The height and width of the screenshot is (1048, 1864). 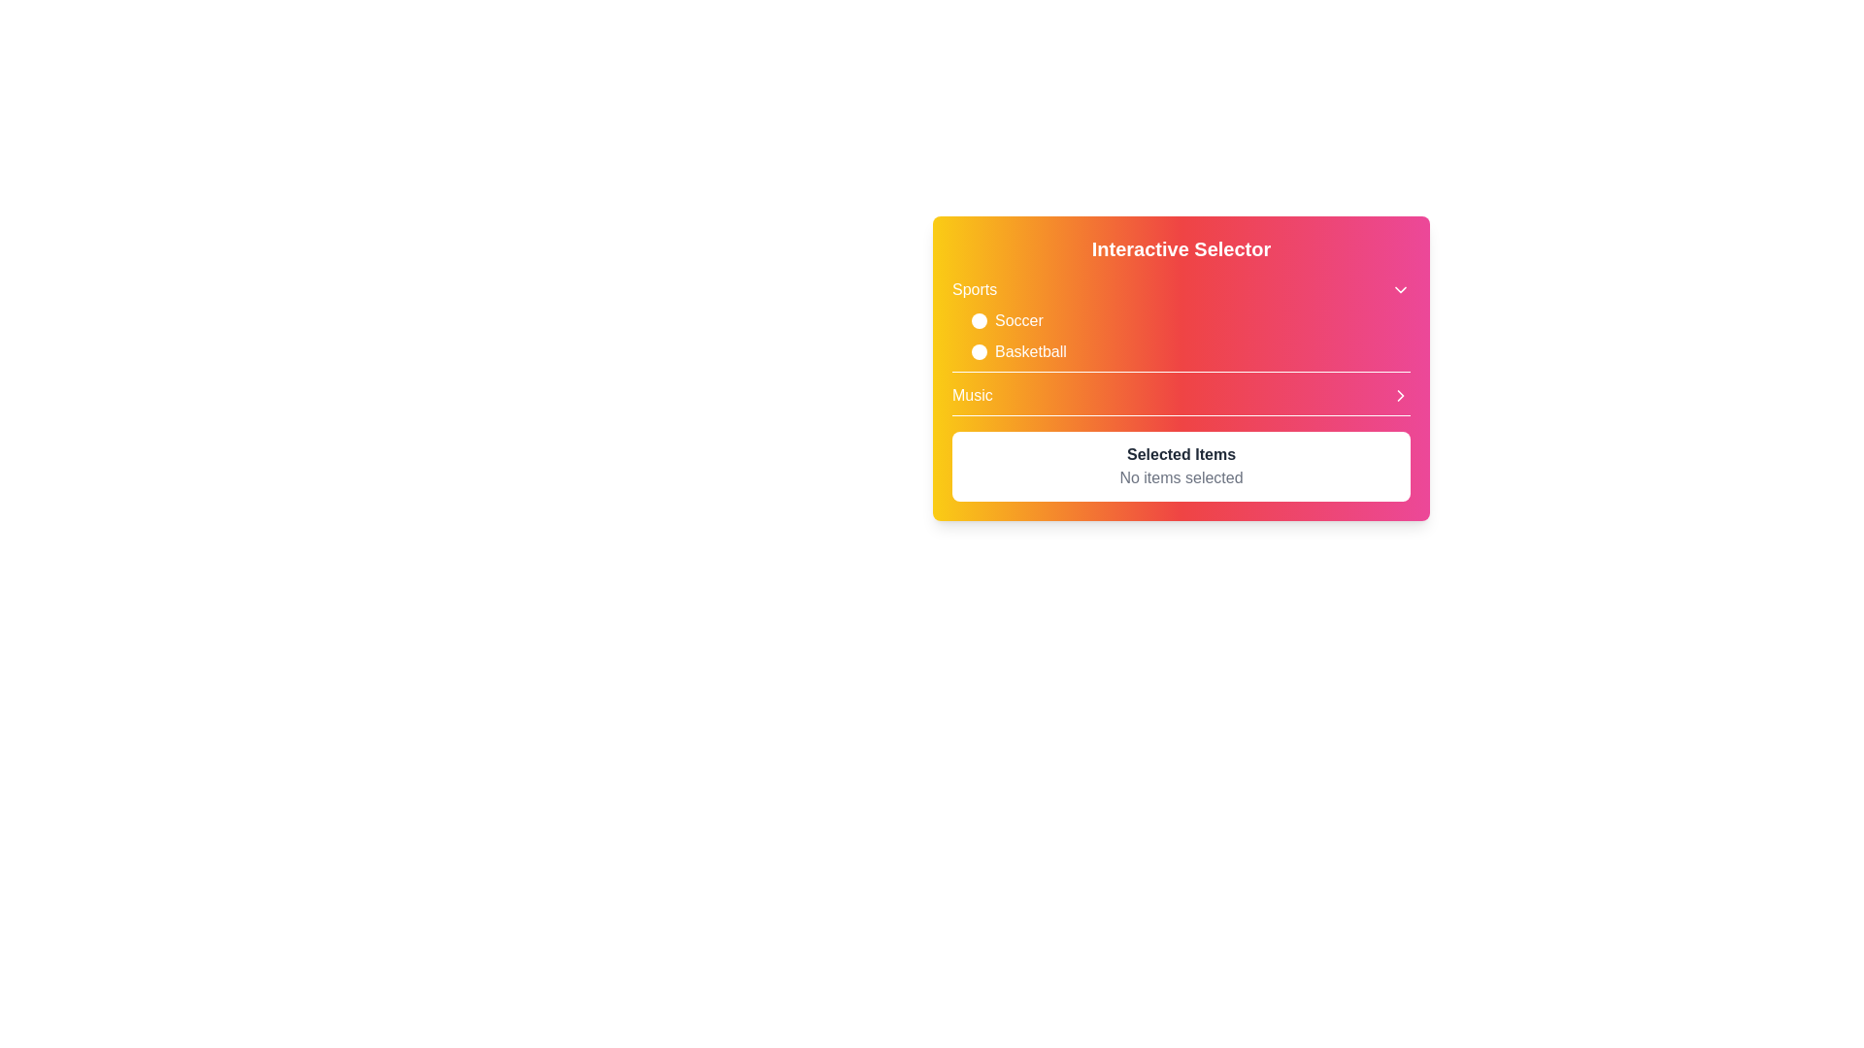 I want to click on the 'Sports' dropdown menu section to trigger the focus effect, so click(x=1181, y=324).